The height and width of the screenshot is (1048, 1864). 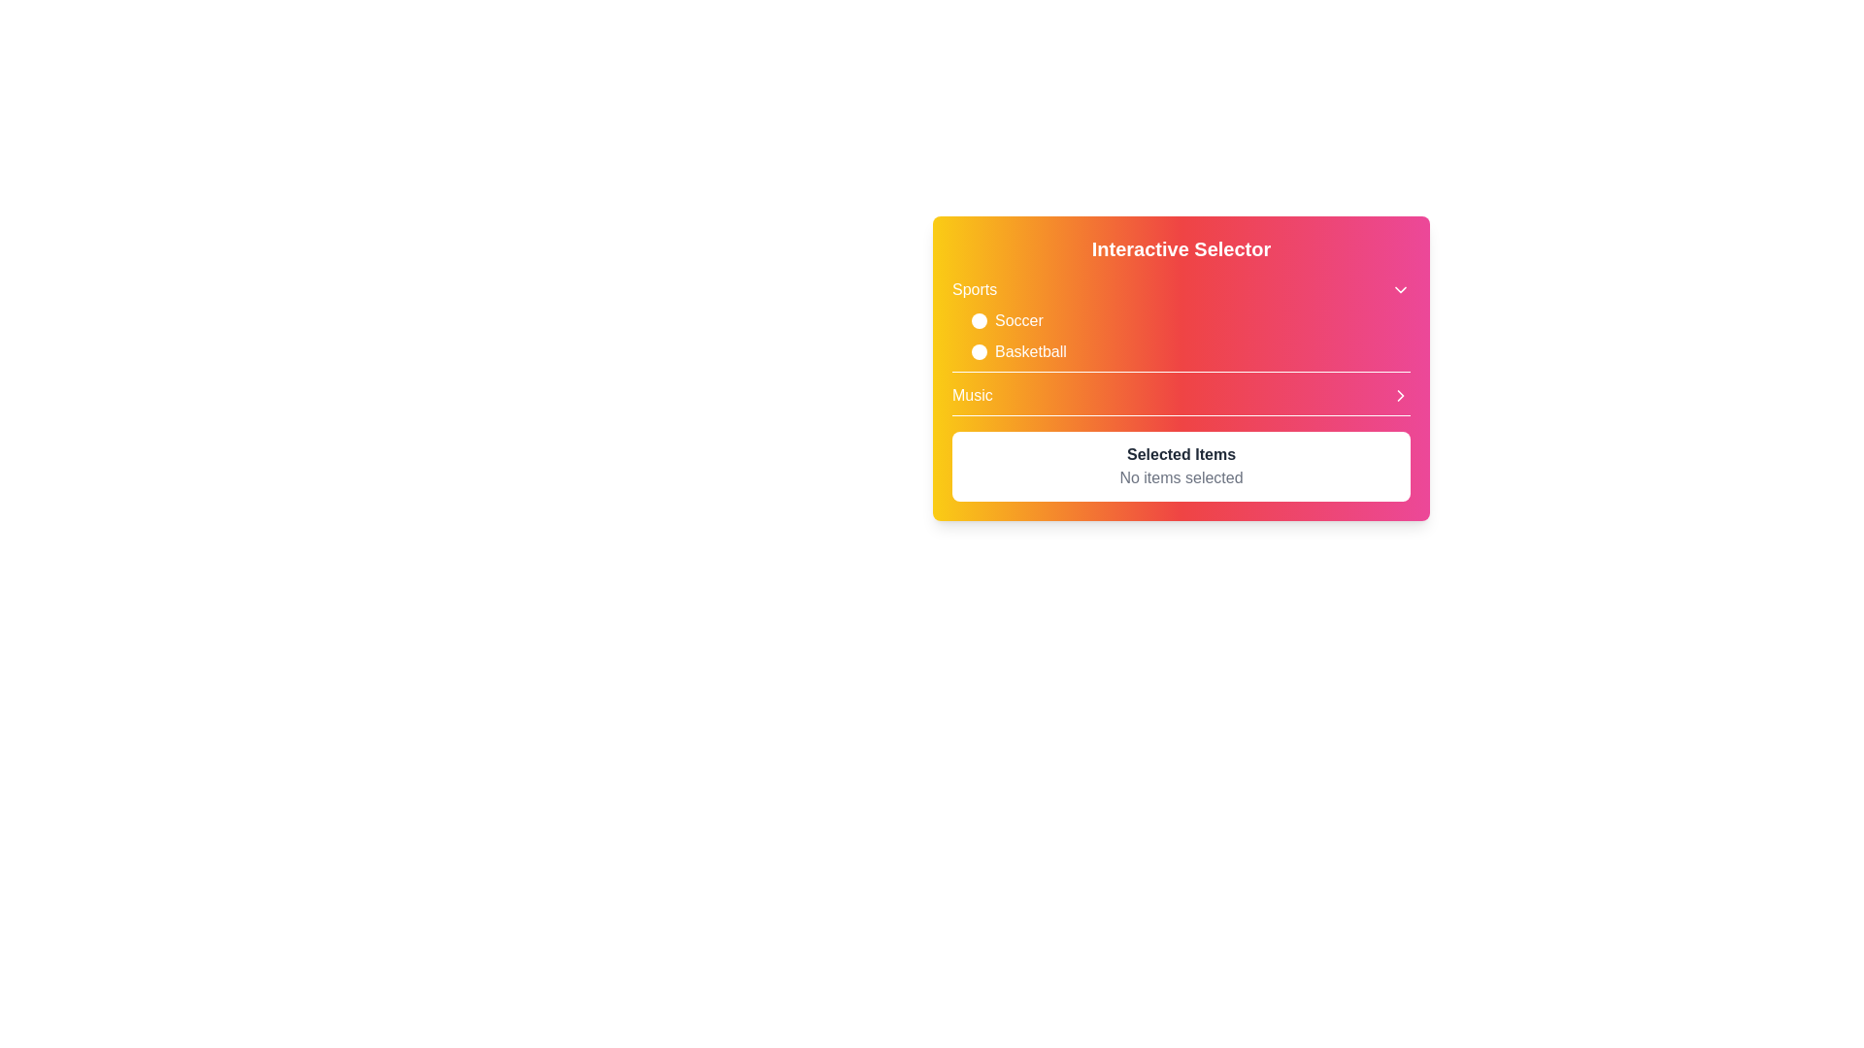 I want to click on the 'Sports' dropdown menu section to trigger the focus effect, so click(x=1181, y=324).